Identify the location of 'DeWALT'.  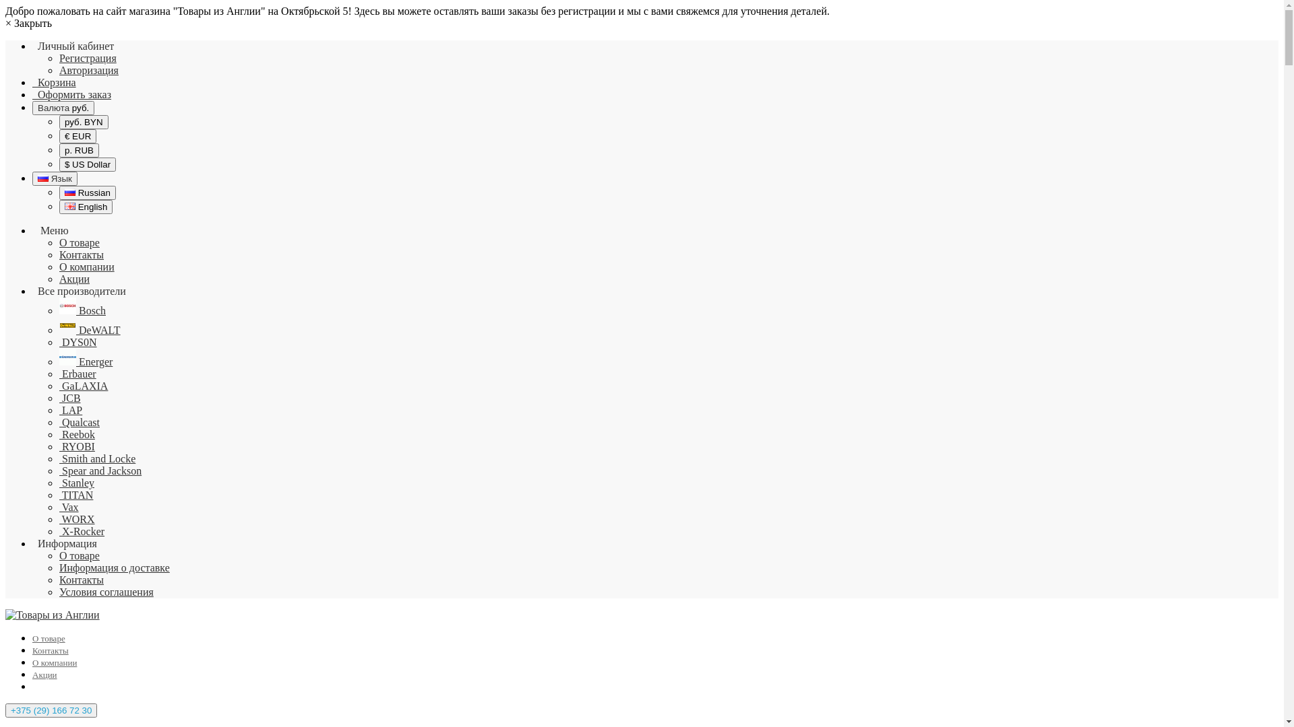
(89, 330).